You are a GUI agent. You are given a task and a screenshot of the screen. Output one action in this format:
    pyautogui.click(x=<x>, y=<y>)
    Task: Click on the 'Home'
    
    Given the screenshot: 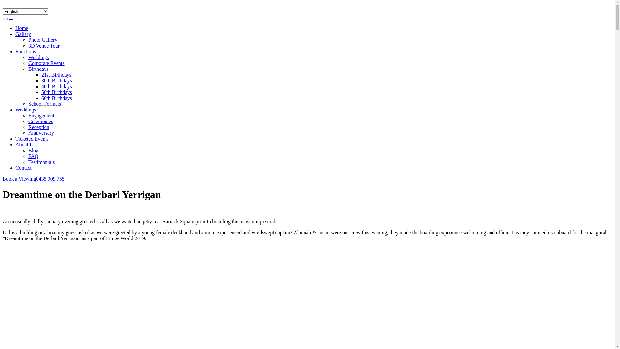 What is the action you would take?
    pyautogui.click(x=22, y=28)
    